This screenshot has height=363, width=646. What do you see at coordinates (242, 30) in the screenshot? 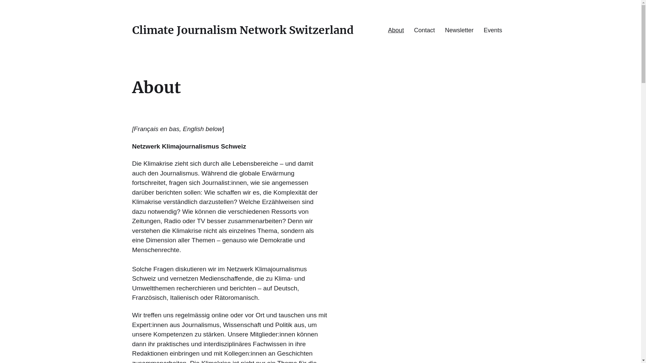
I see `'Climate Journalism Network Switzerland'` at bounding box center [242, 30].